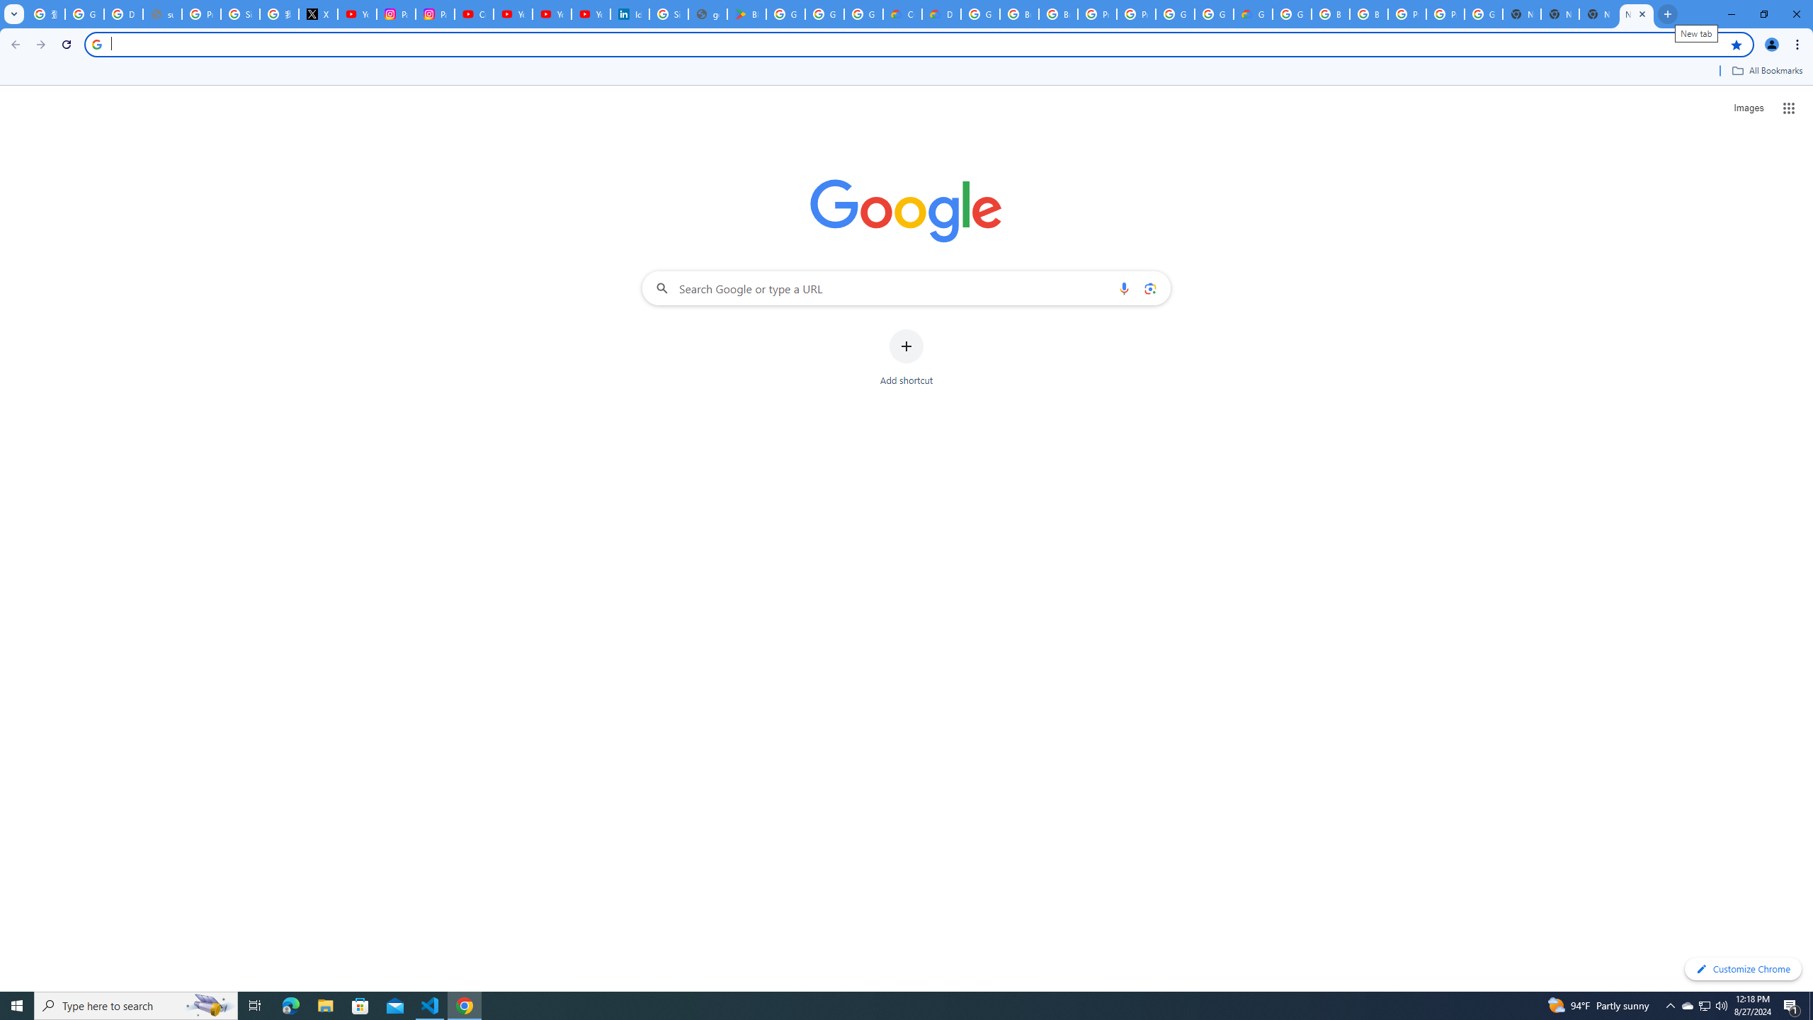  Describe the element at coordinates (746, 13) in the screenshot. I see `'Bluey: Let'` at that location.